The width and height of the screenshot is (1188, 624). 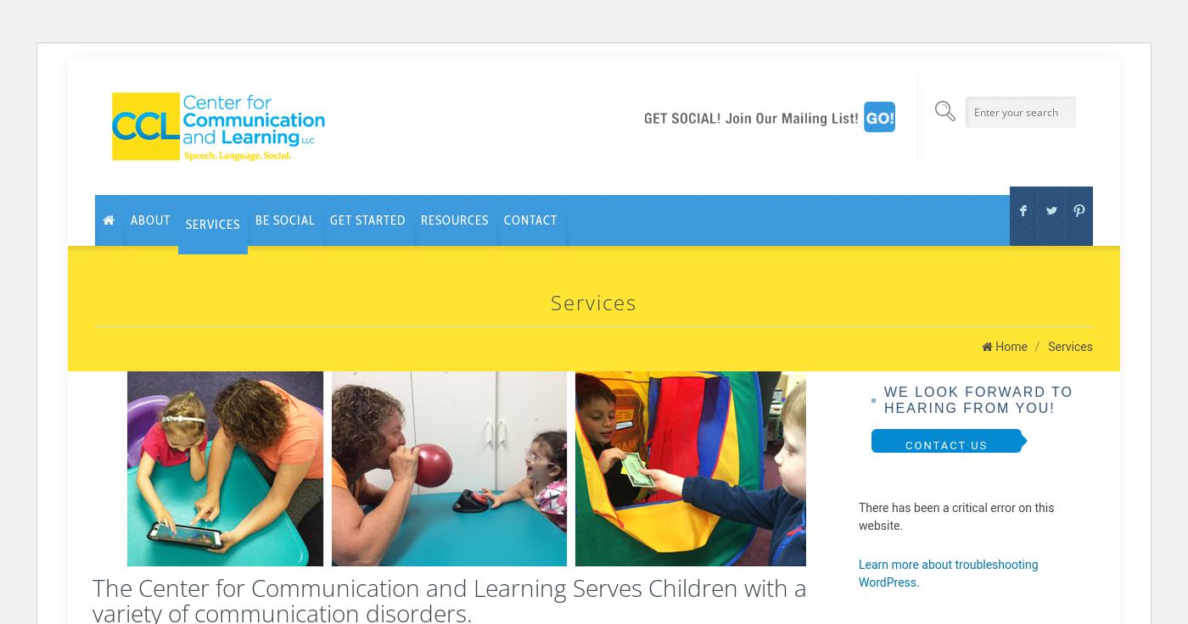 I want to click on 'We look forward to hearing from you!', so click(x=978, y=398).